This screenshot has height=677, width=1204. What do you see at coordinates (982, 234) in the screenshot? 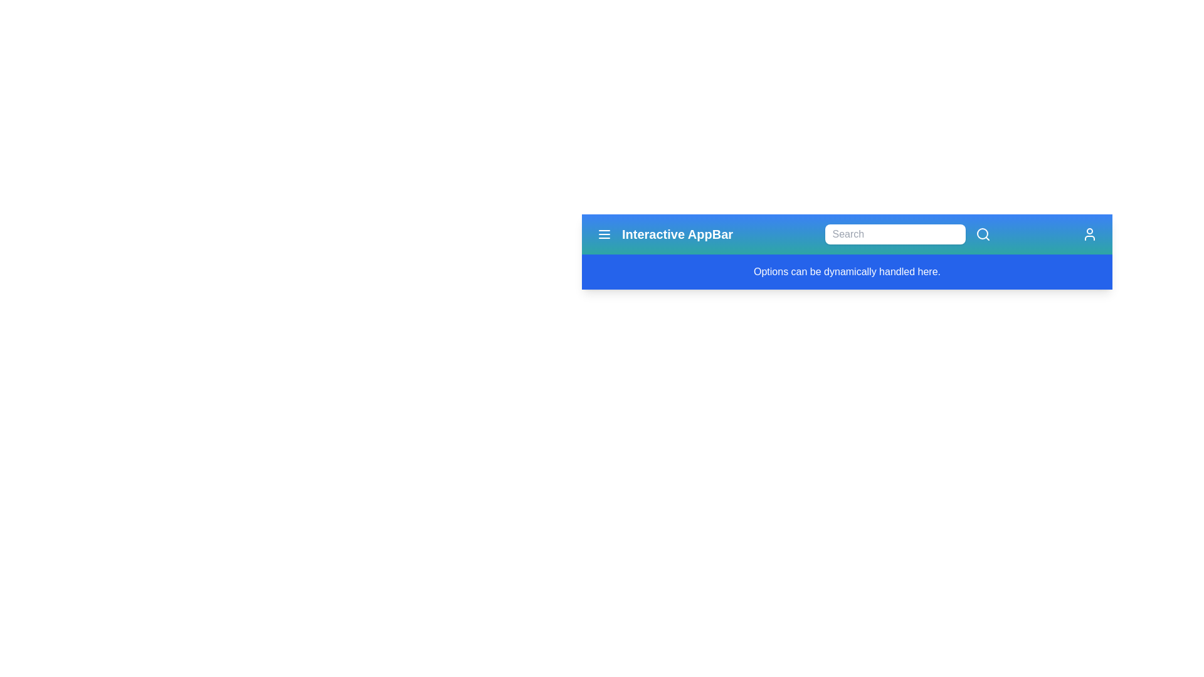
I see `the search icon to initiate a search` at bounding box center [982, 234].